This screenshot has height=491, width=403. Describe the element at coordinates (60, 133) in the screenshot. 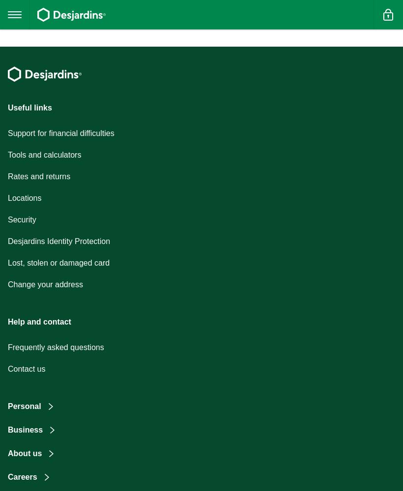

I see `'Support for financial difficulties'` at that location.